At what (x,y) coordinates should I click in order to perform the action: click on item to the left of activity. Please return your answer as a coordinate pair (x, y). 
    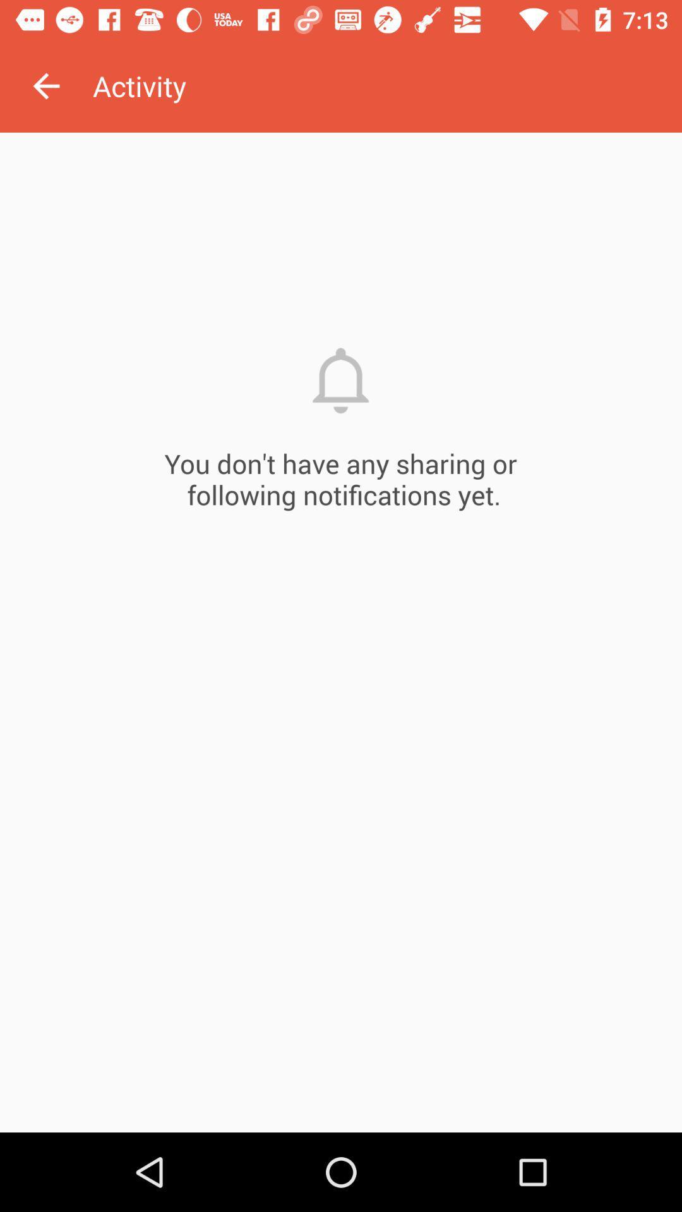
    Looking at the image, I should click on (45, 85).